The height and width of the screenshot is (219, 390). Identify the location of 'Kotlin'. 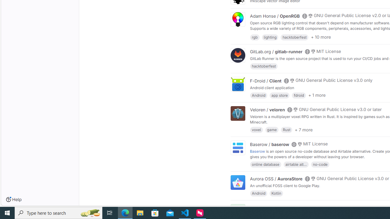
(276, 193).